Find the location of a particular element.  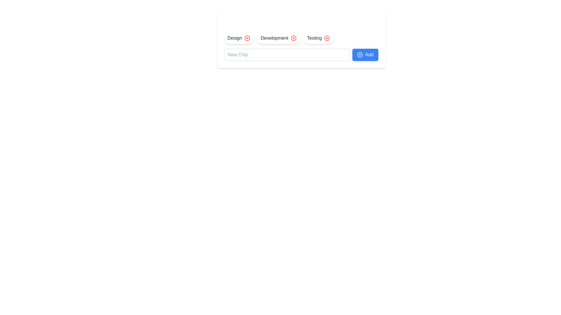

the chip labeled Testing by clicking its delete icon is located at coordinates (327, 38).